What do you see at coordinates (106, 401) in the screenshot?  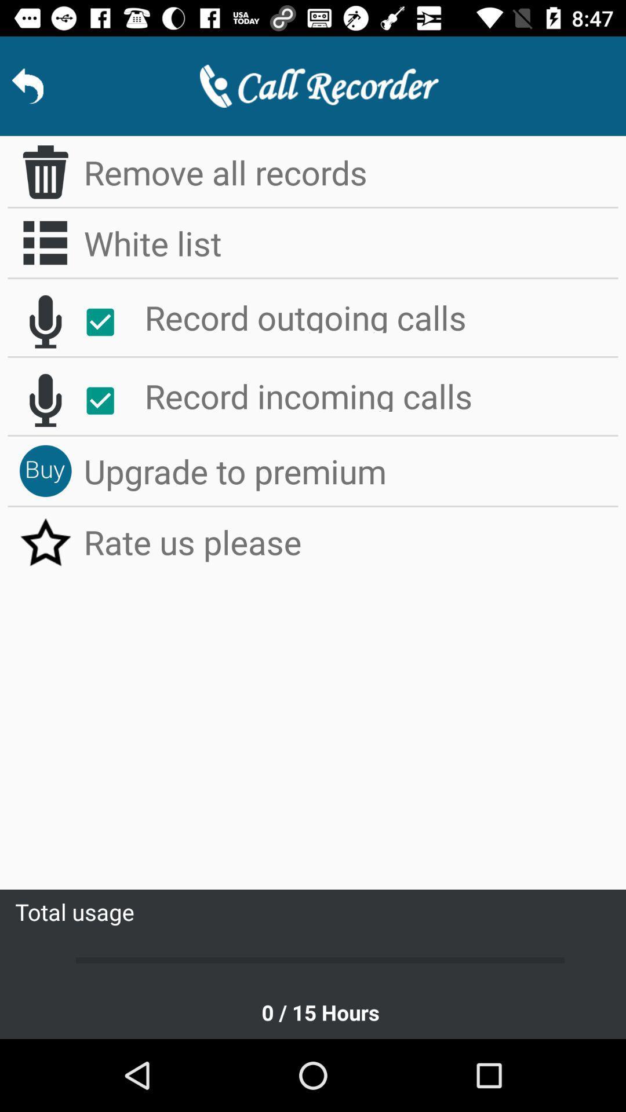 I see `icon next to the record incoming calls app` at bounding box center [106, 401].